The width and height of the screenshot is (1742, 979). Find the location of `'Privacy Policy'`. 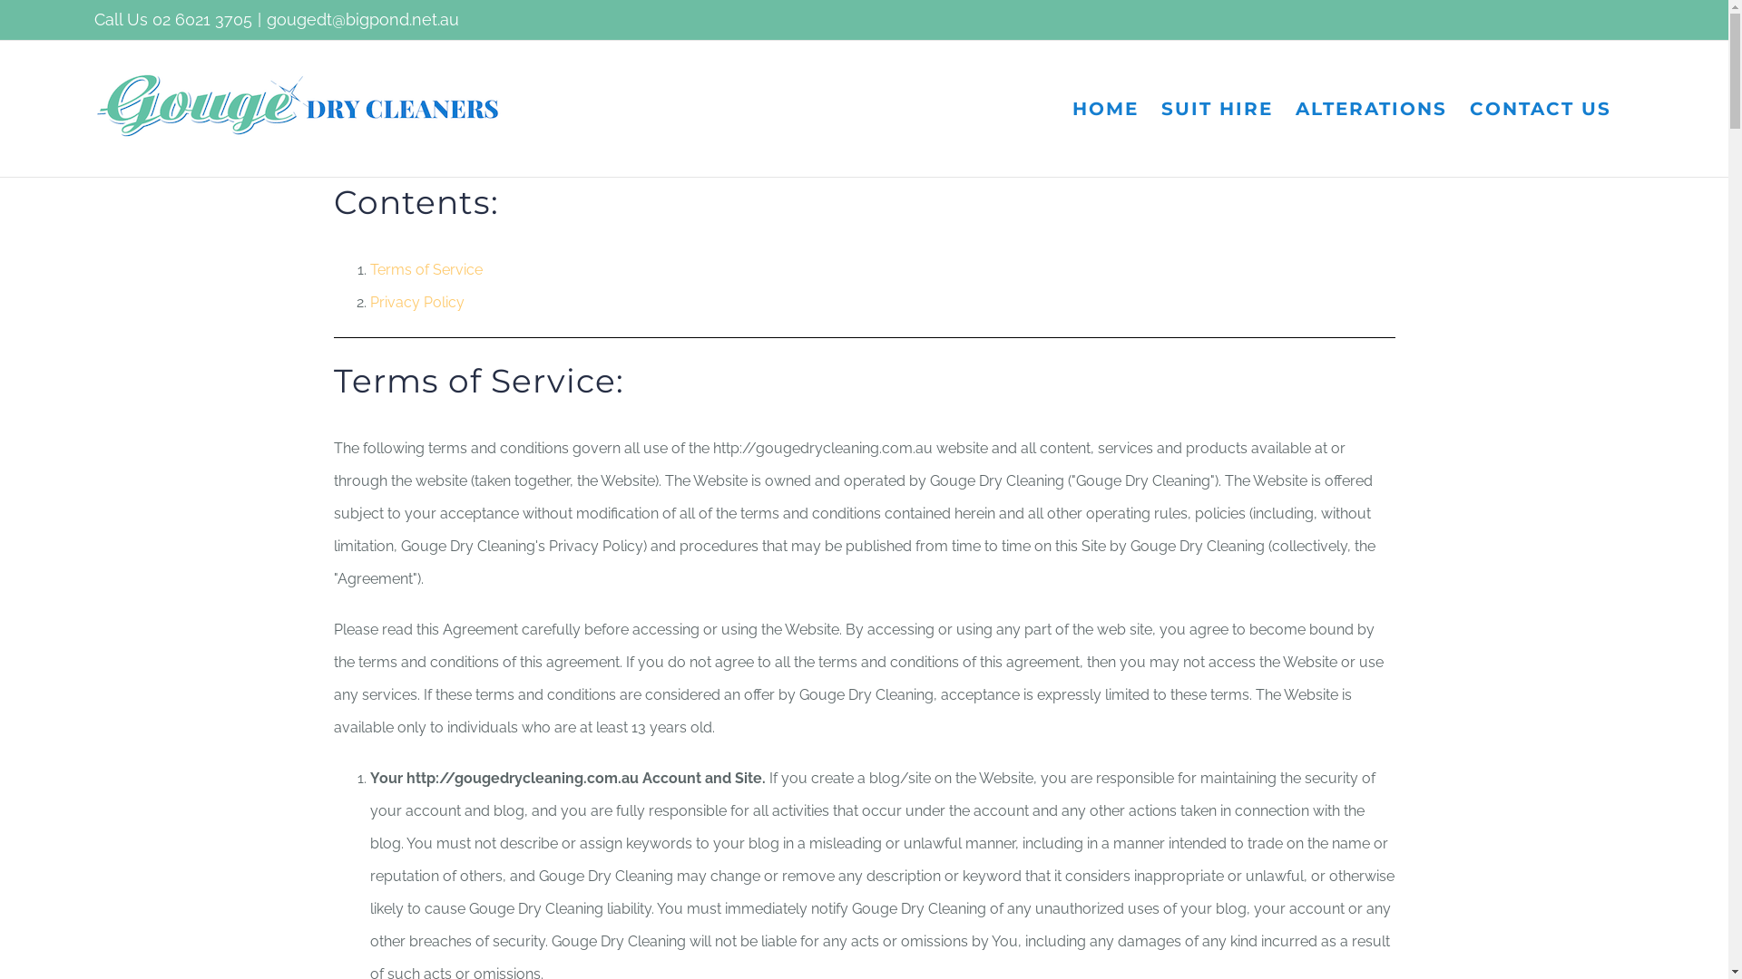

'Privacy Policy' is located at coordinates (416, 301).